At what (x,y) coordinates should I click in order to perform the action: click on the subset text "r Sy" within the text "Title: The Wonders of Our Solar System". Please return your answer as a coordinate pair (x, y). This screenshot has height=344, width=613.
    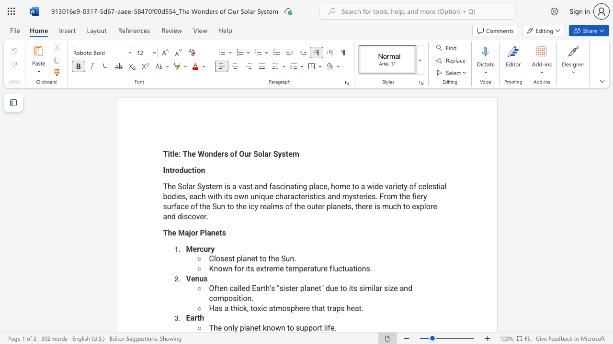
    Looking at the image, I should click on (268, 153).